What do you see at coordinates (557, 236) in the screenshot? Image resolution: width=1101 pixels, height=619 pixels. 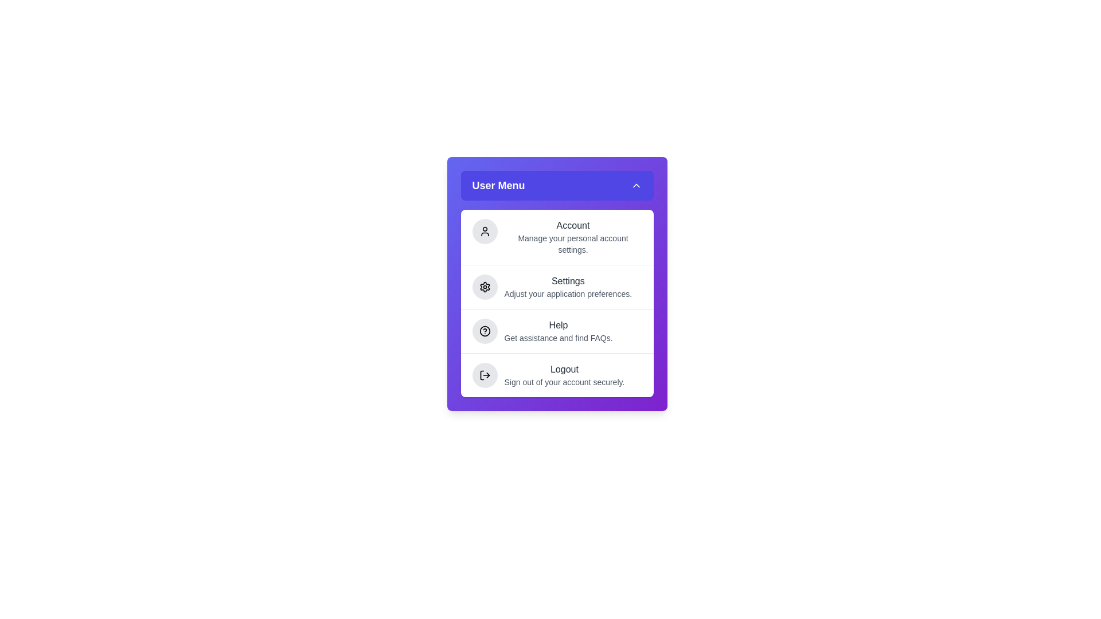 I see `the menu item Account from the menu` at bounding box center [557, 236].